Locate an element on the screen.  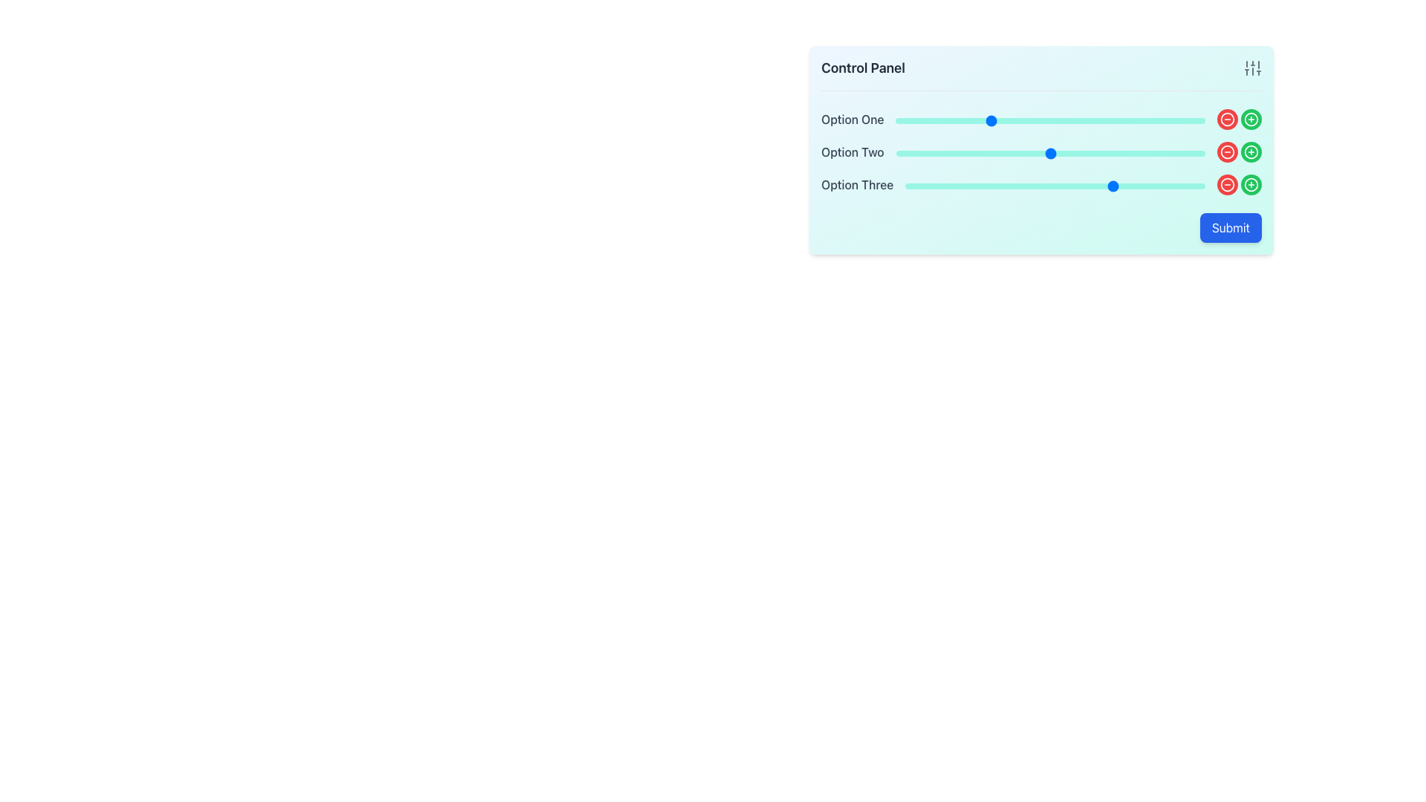
the slider is located at coordinates (1193, 154).